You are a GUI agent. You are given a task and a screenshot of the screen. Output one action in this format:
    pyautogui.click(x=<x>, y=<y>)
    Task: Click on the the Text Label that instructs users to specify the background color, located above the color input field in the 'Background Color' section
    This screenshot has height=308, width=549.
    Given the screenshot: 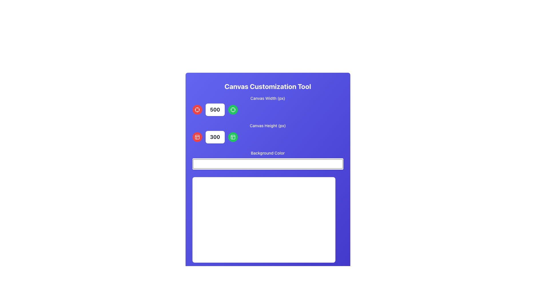 What is the action you would take?
    pyautogui.click(x=267, y=153)
    